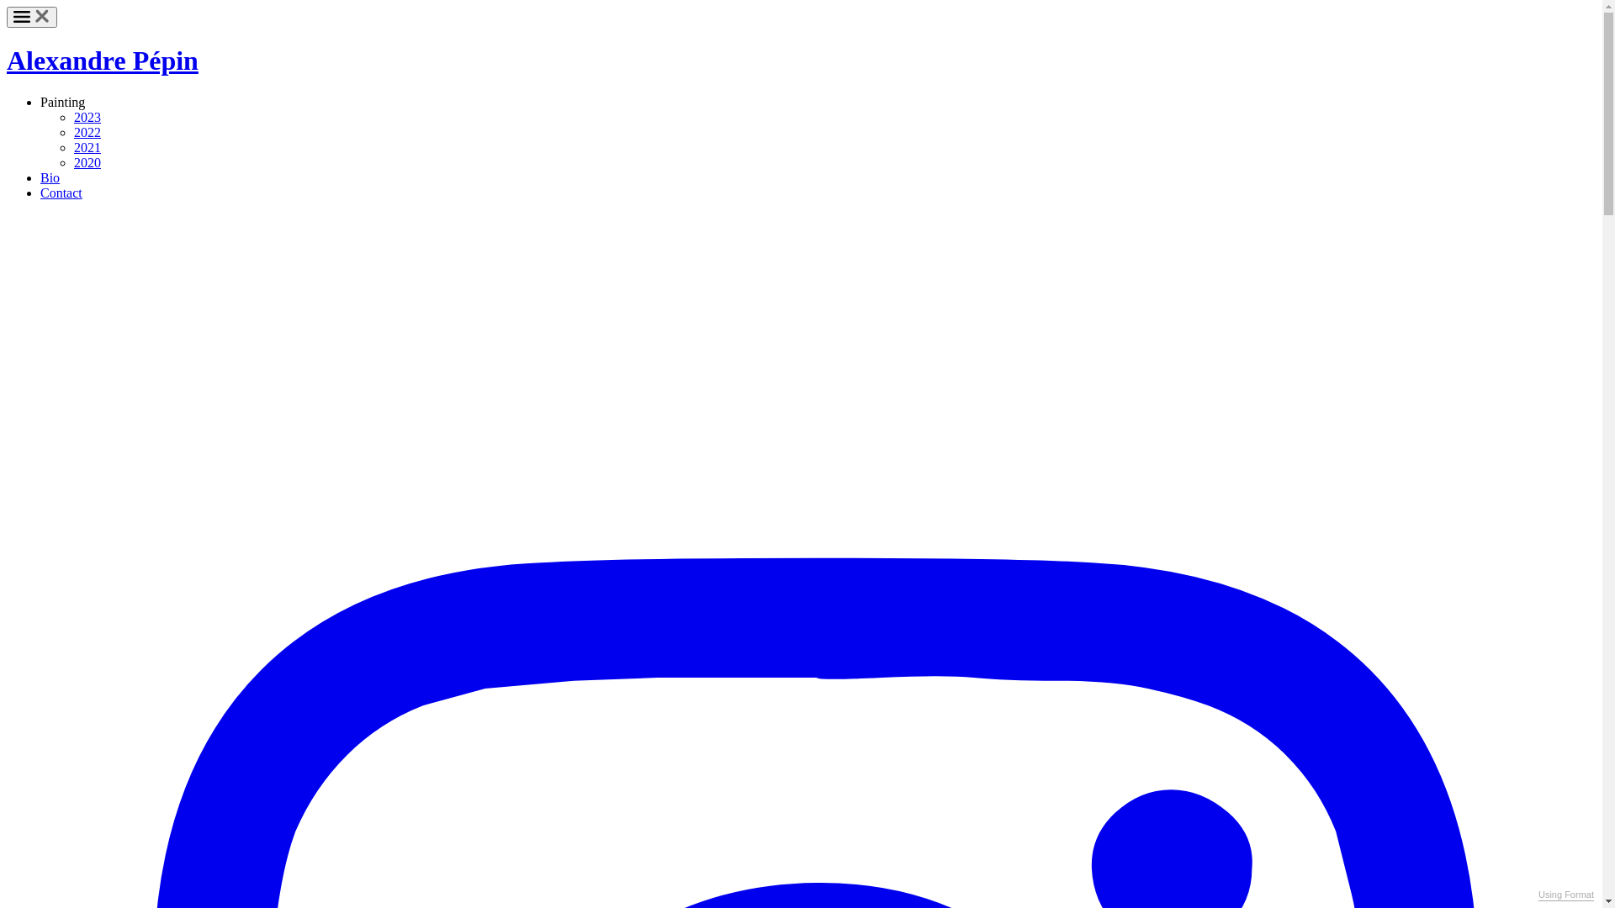 This screenshot has width=1615, height=908. What do you see at coordinates (40, 192) in the screenshot?
I see `'Contact'` at bounding box center [40, 192].